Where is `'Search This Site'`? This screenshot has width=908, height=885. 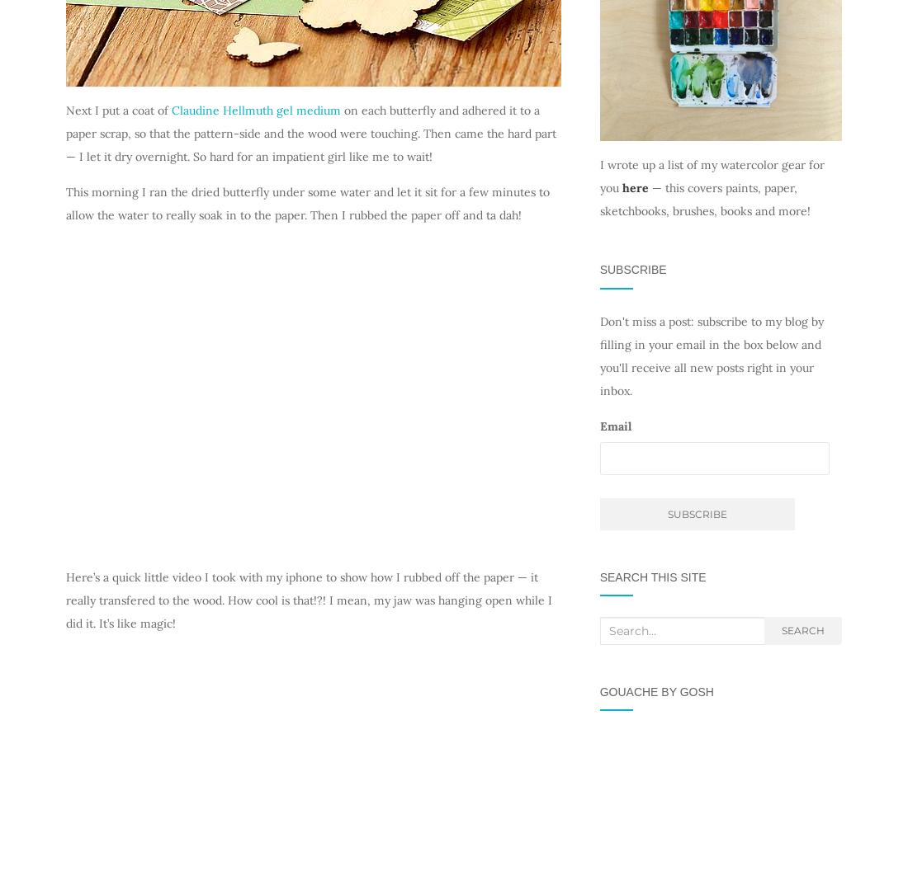 'Search This Site' is located at coordinates (652, 576).